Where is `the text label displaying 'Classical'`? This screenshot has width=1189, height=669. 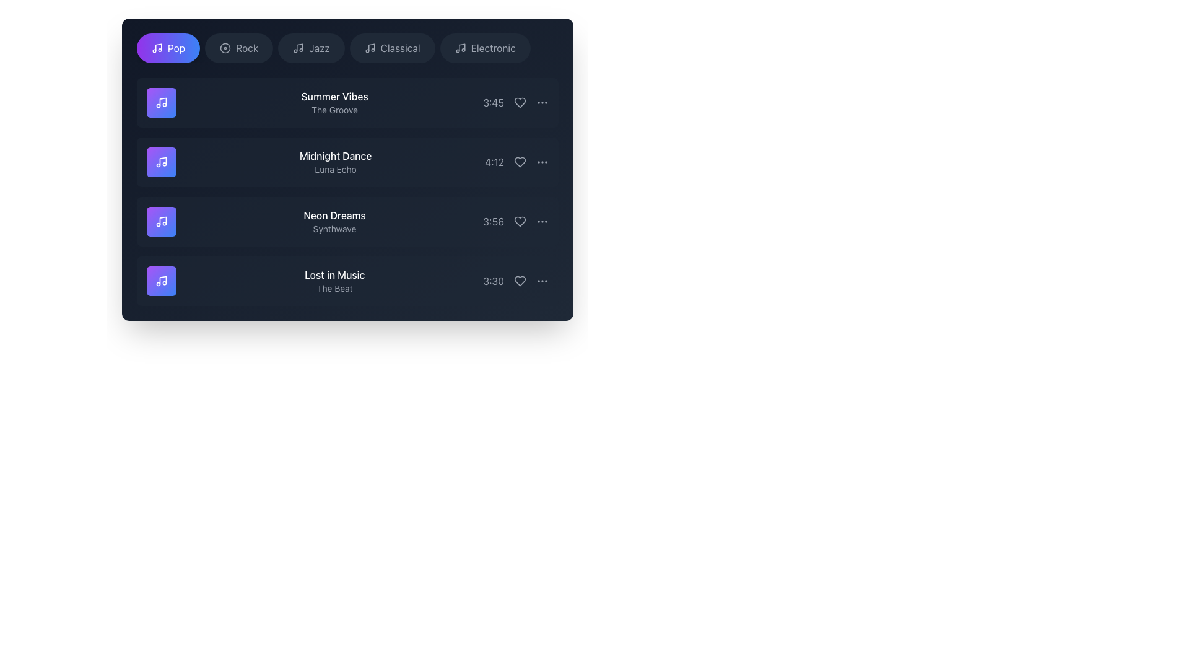
the text label displaying 'Classical' is located at coordinates (400, 47).